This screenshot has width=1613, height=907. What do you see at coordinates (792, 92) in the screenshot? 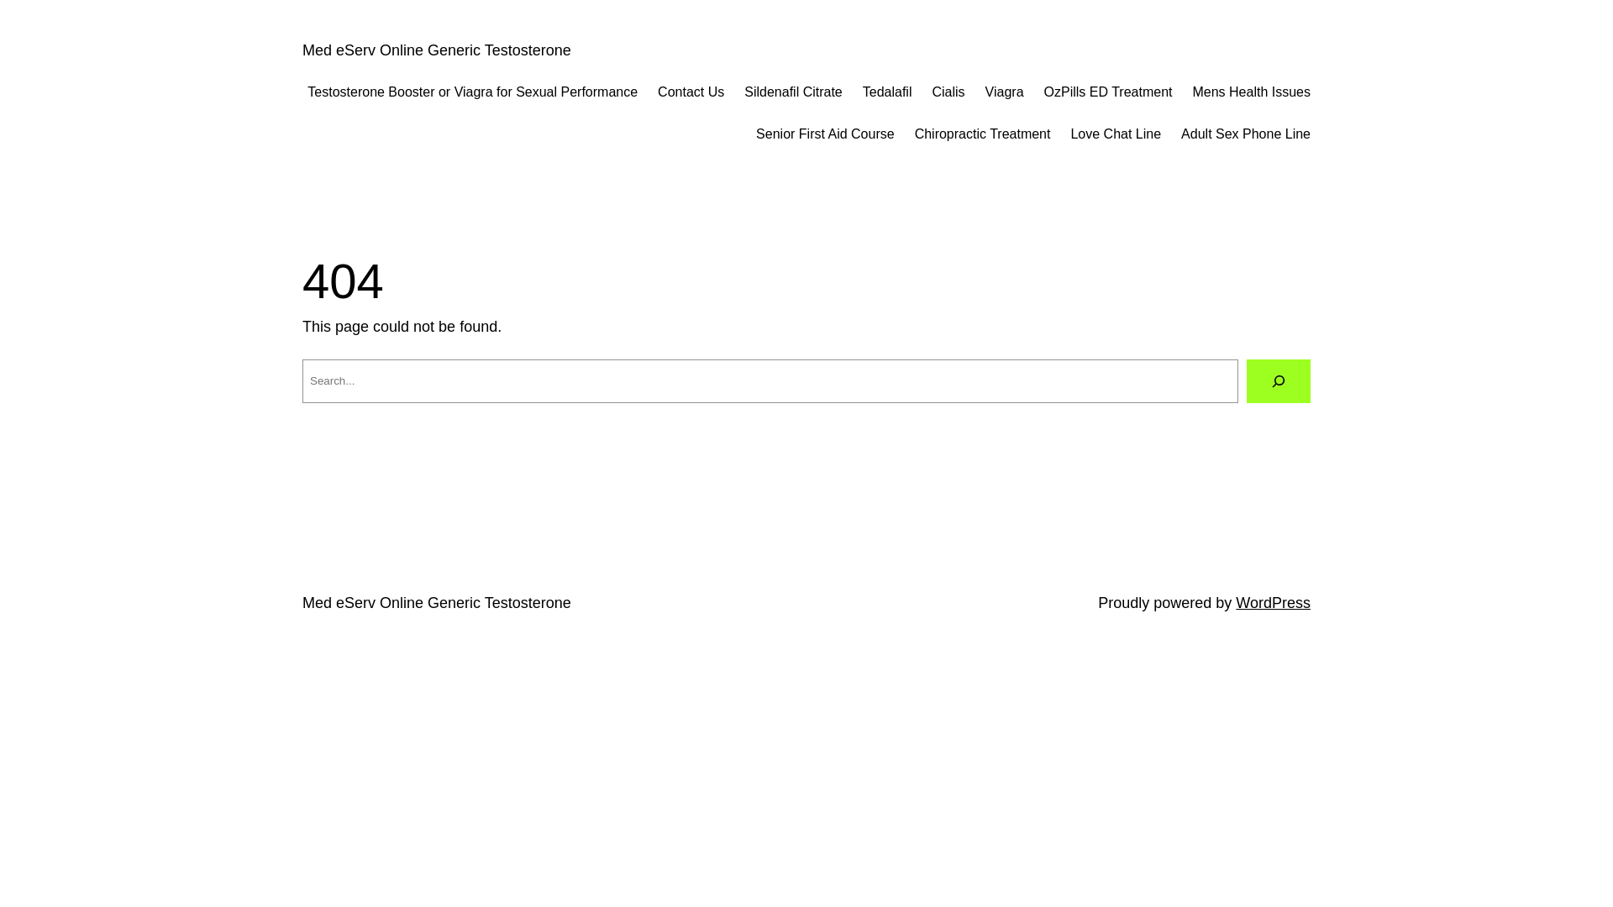
I see `'Sildenafil Citrate'` at bounding box center [792, 92].